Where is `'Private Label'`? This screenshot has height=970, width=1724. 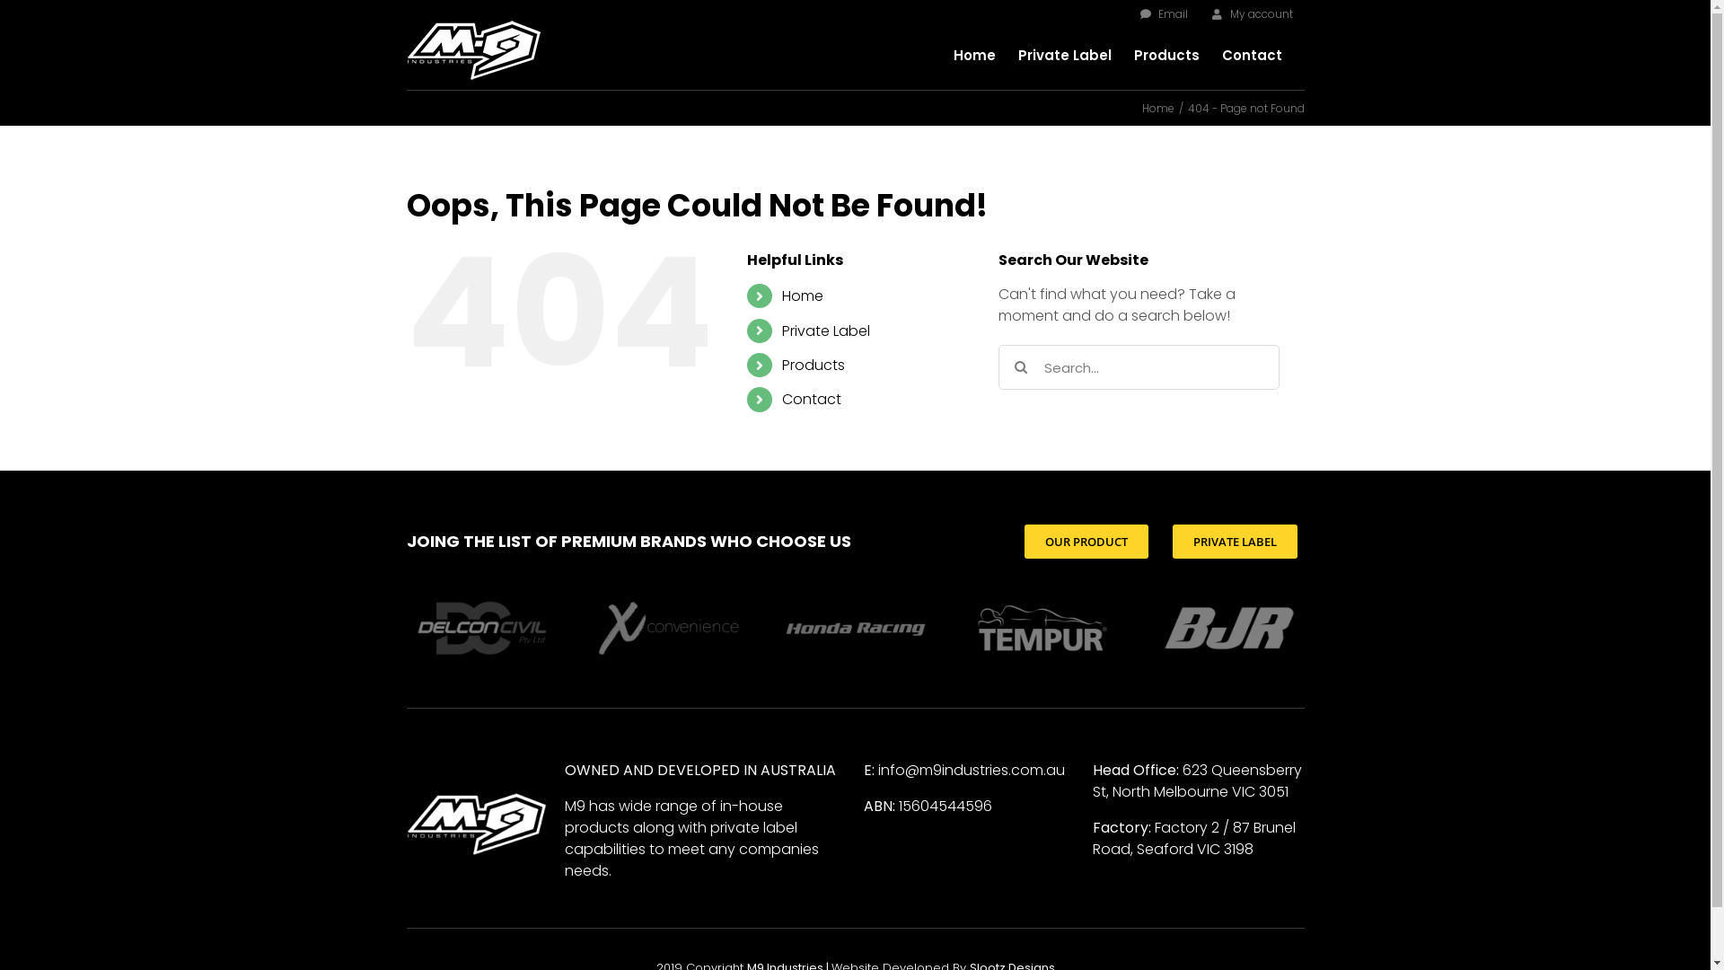 'Private Label' is located at coordinates (1017, 54).